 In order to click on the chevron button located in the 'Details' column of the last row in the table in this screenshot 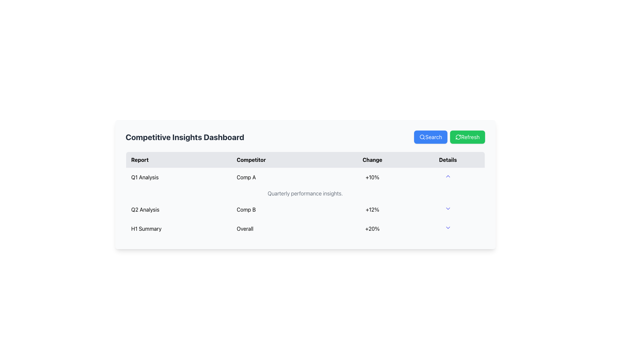, I will do `click(448, 227)`.